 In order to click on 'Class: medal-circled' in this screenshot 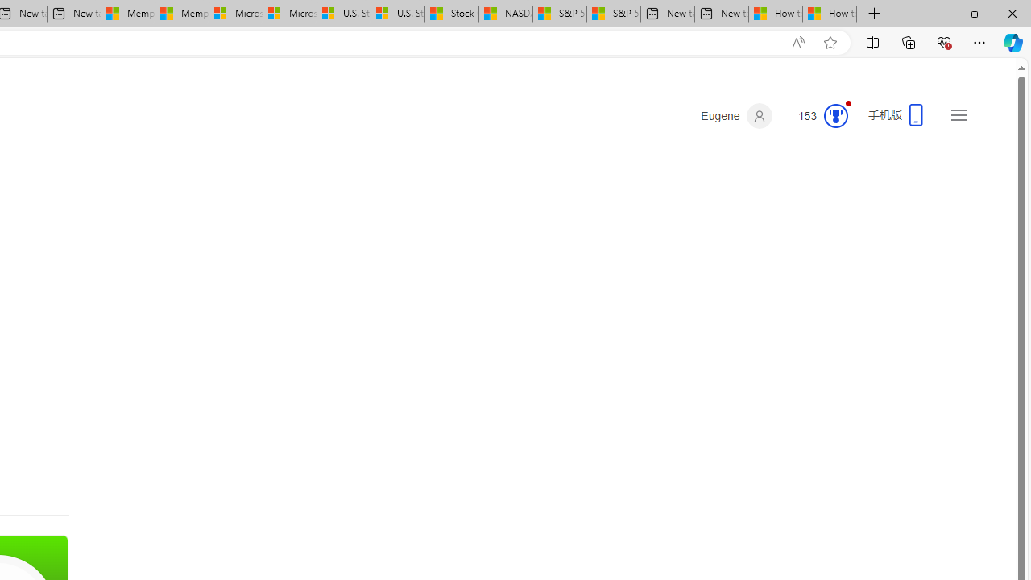, I will do `click(835, 115)`.